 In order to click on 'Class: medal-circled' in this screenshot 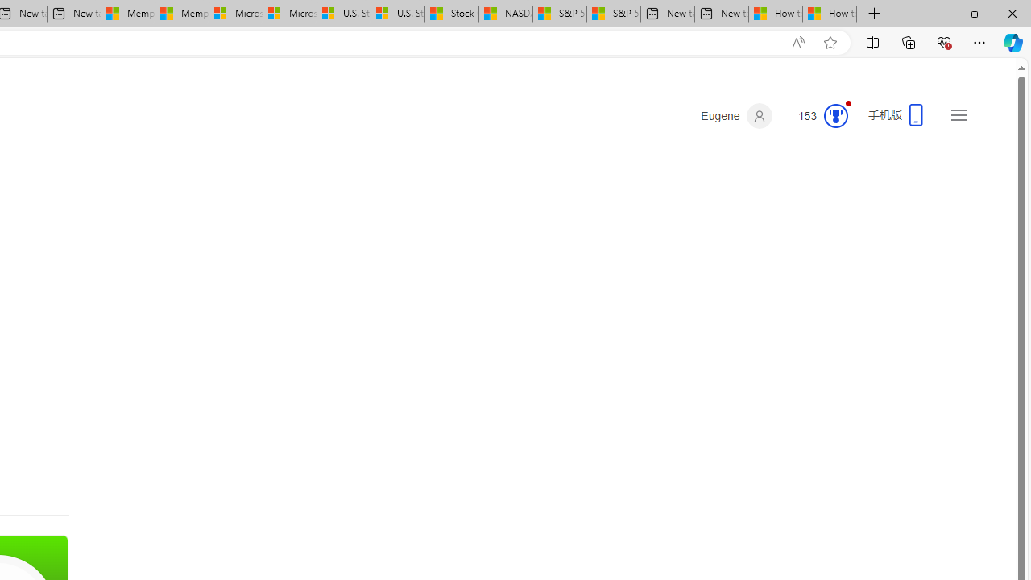, I will do `click(835, 115)`.